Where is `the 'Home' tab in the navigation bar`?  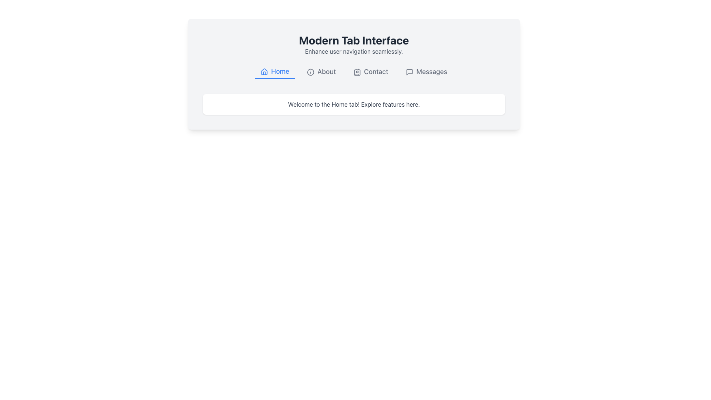 the 'Home' tab in the navigation bar is located at coordinates (274, 71).